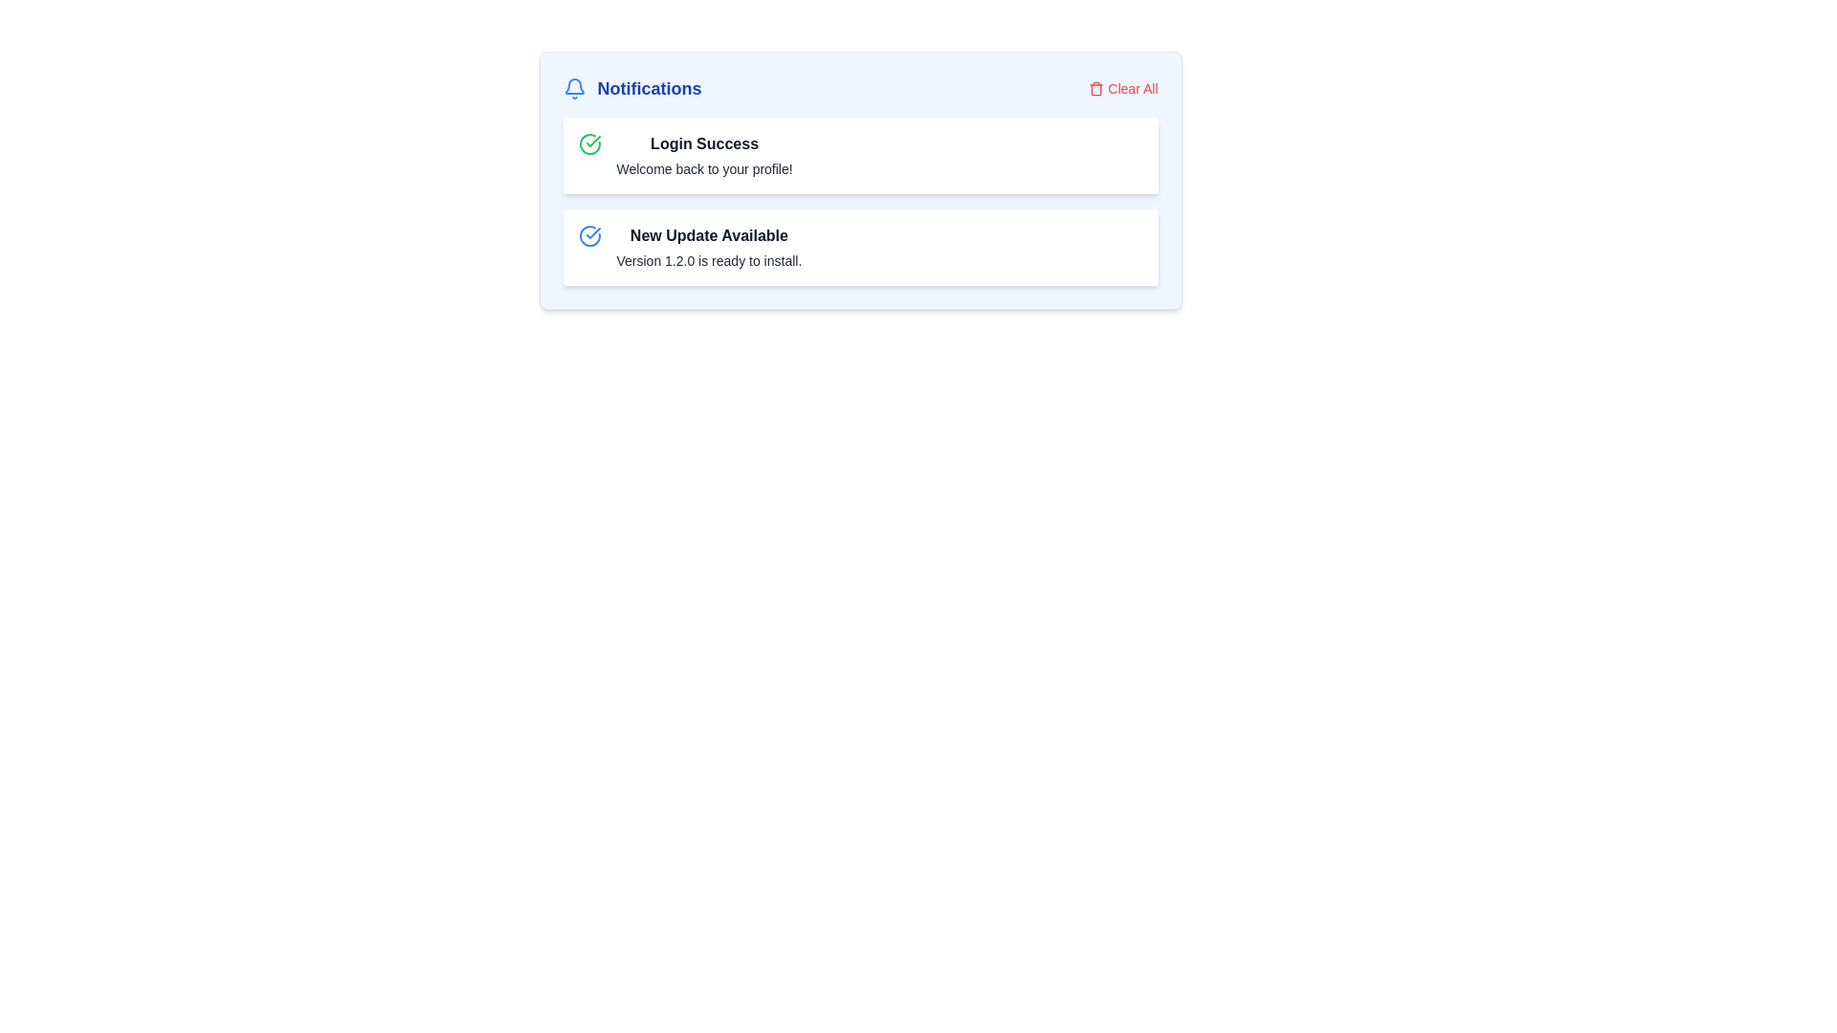 Image resolution: width=1837 pixels, height=1033 pixels. Describe the element at coordinates (588, 143) in the screenshot. I see `the green circular icon with a checkmark inside it, which is located to the left of the 'Login Success' text in the notification card` at that location.